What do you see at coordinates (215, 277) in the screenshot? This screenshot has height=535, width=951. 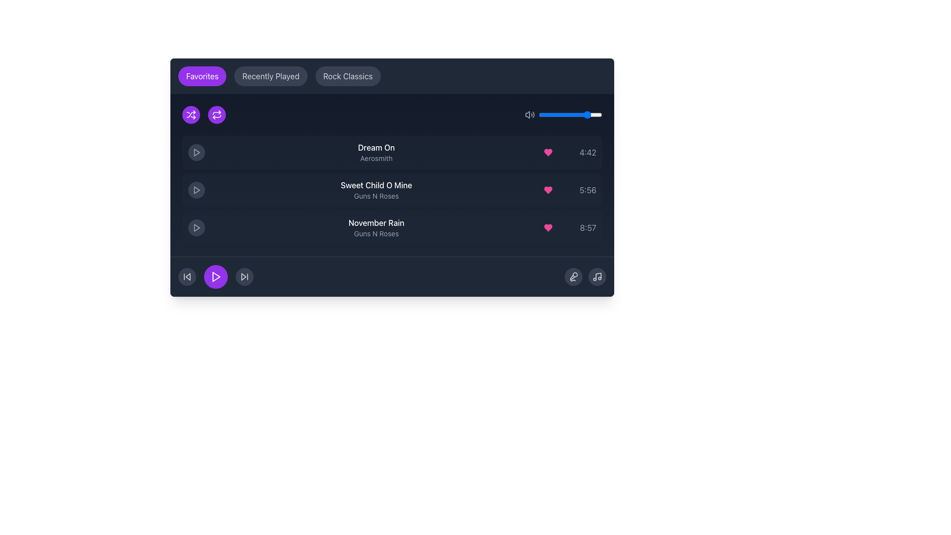 I see `the playback button located among the bottom control icons of the music player interface` at bounding box center [215, 277].